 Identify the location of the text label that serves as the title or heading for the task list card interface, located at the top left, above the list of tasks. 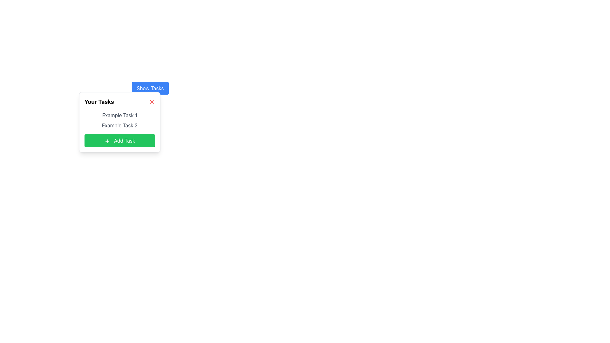
(99, 101).